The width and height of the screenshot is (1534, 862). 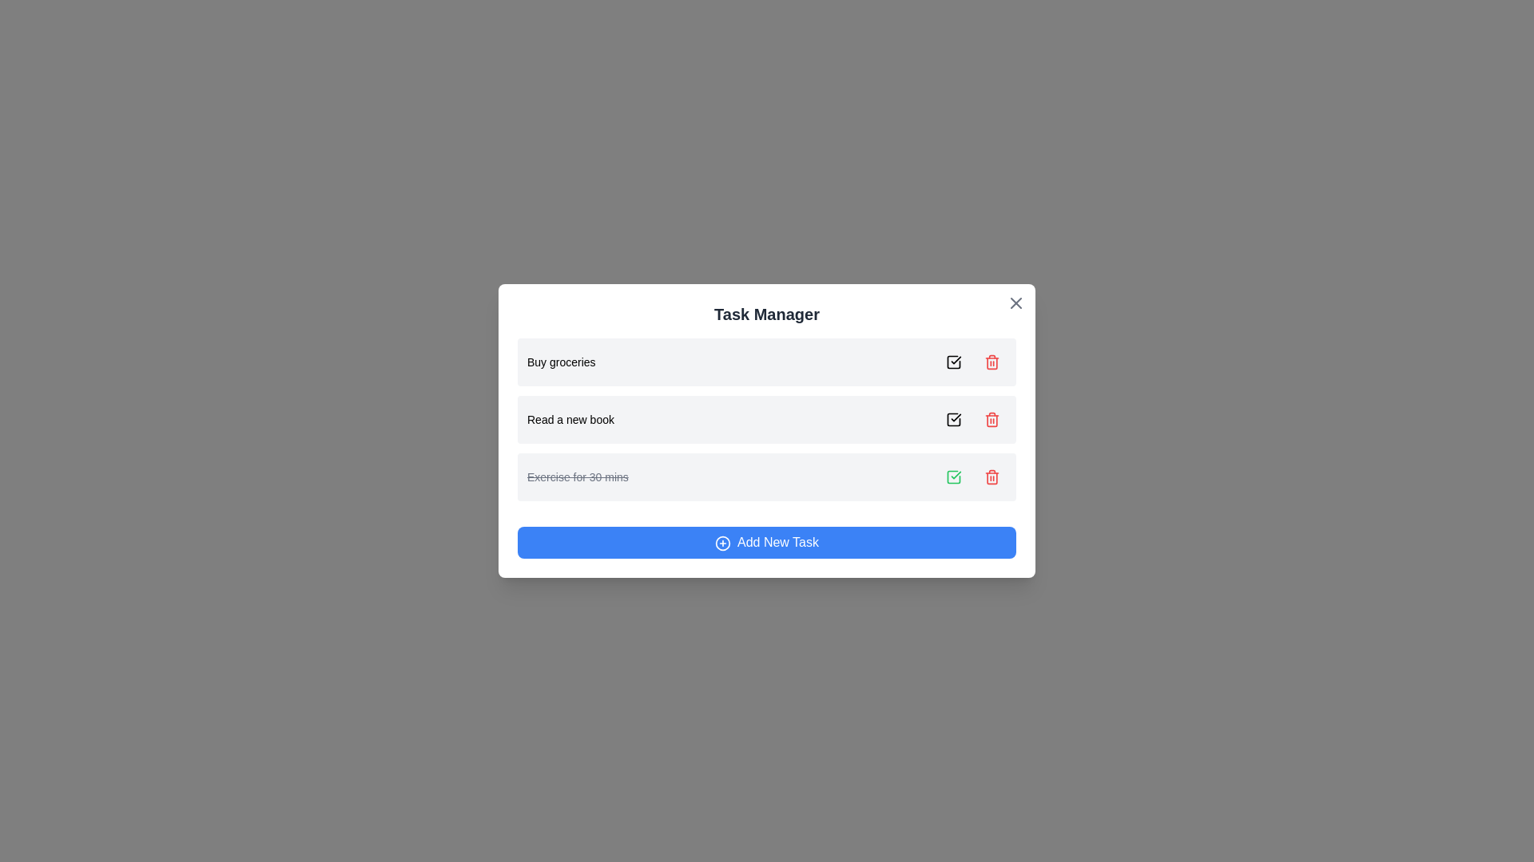 What do you see at coordinates (954, 476) in the screenshot?
I see `the rounded green button with a checkmark to mark the 'Exercise for 30 mins' task as complete` at bounding box center [954, 476].